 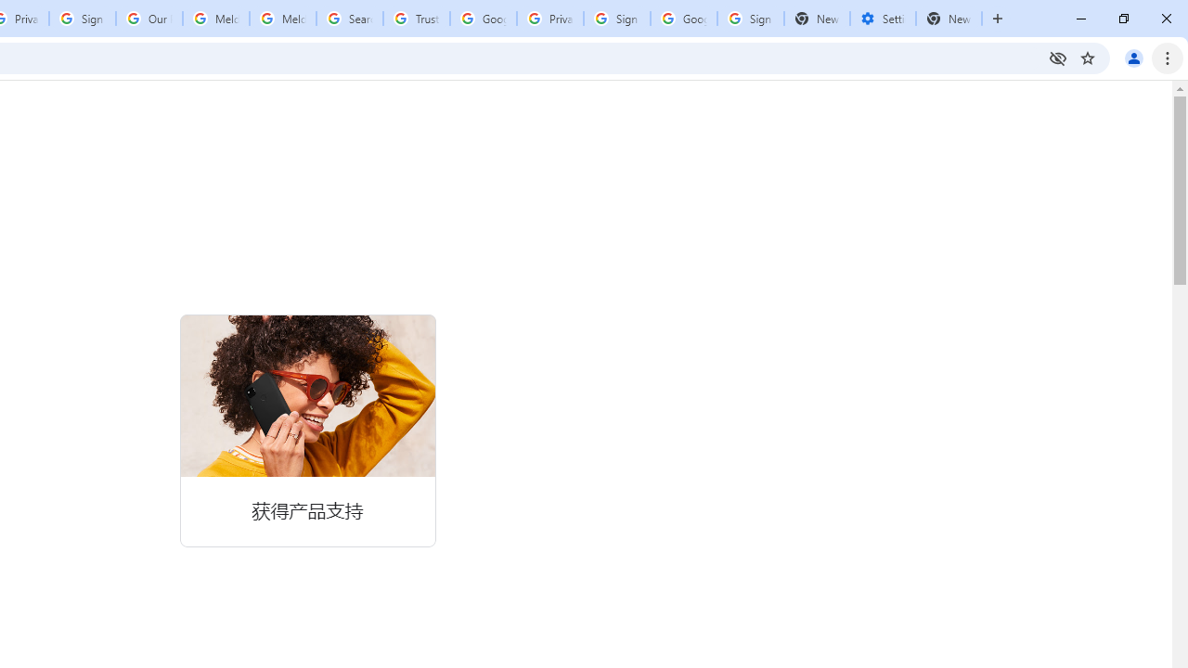 I want to click on 'Trusted Information and Content - Google Safety Center', so click(x=416, y=19).